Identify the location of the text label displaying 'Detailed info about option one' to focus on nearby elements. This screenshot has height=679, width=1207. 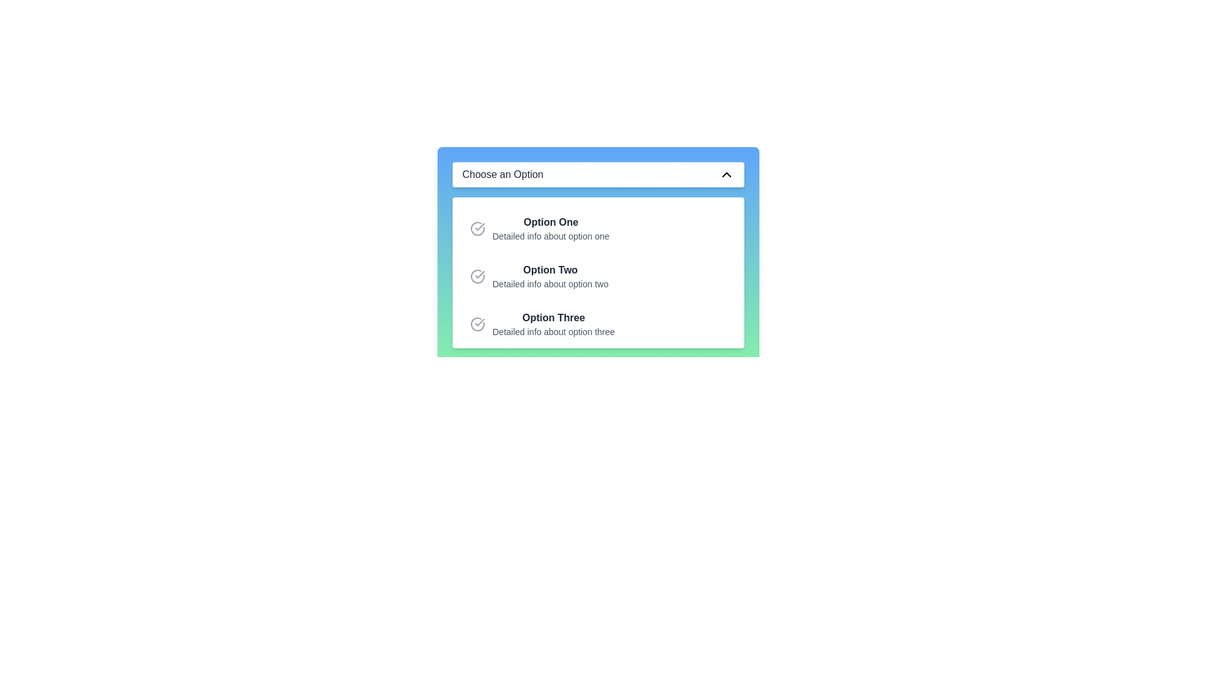
(551, 236).